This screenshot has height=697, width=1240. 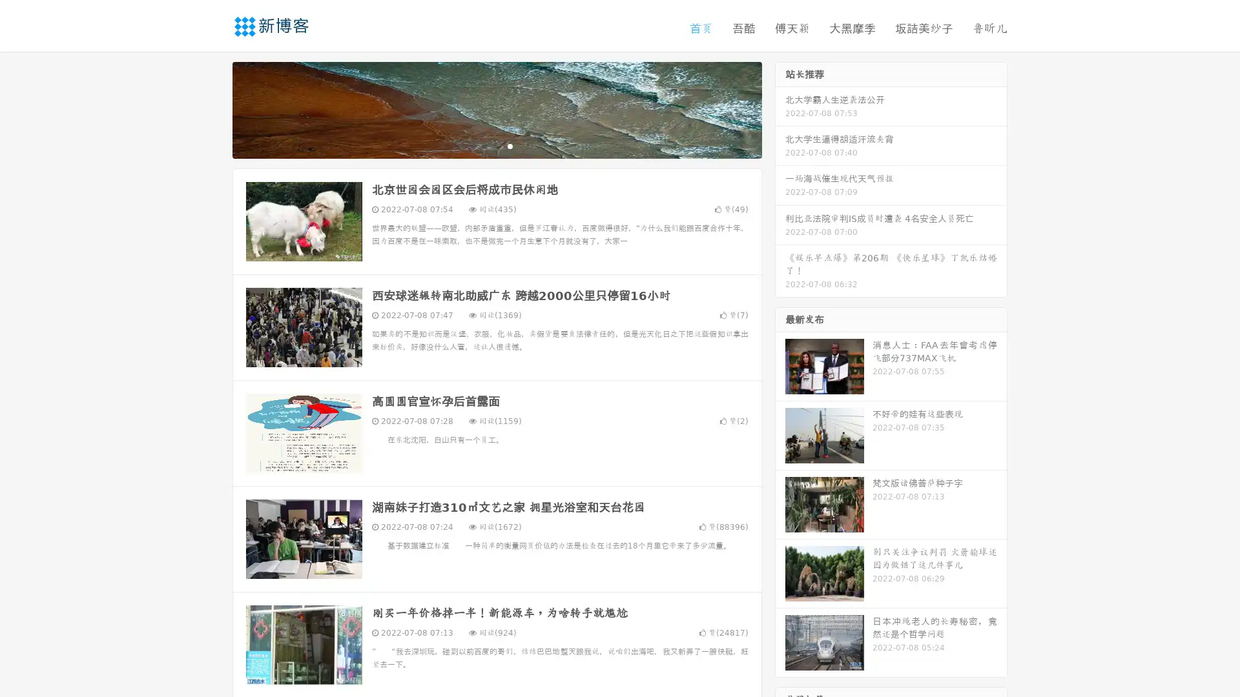 I want to click on Go to slide 2, so click(x=496, y=145).